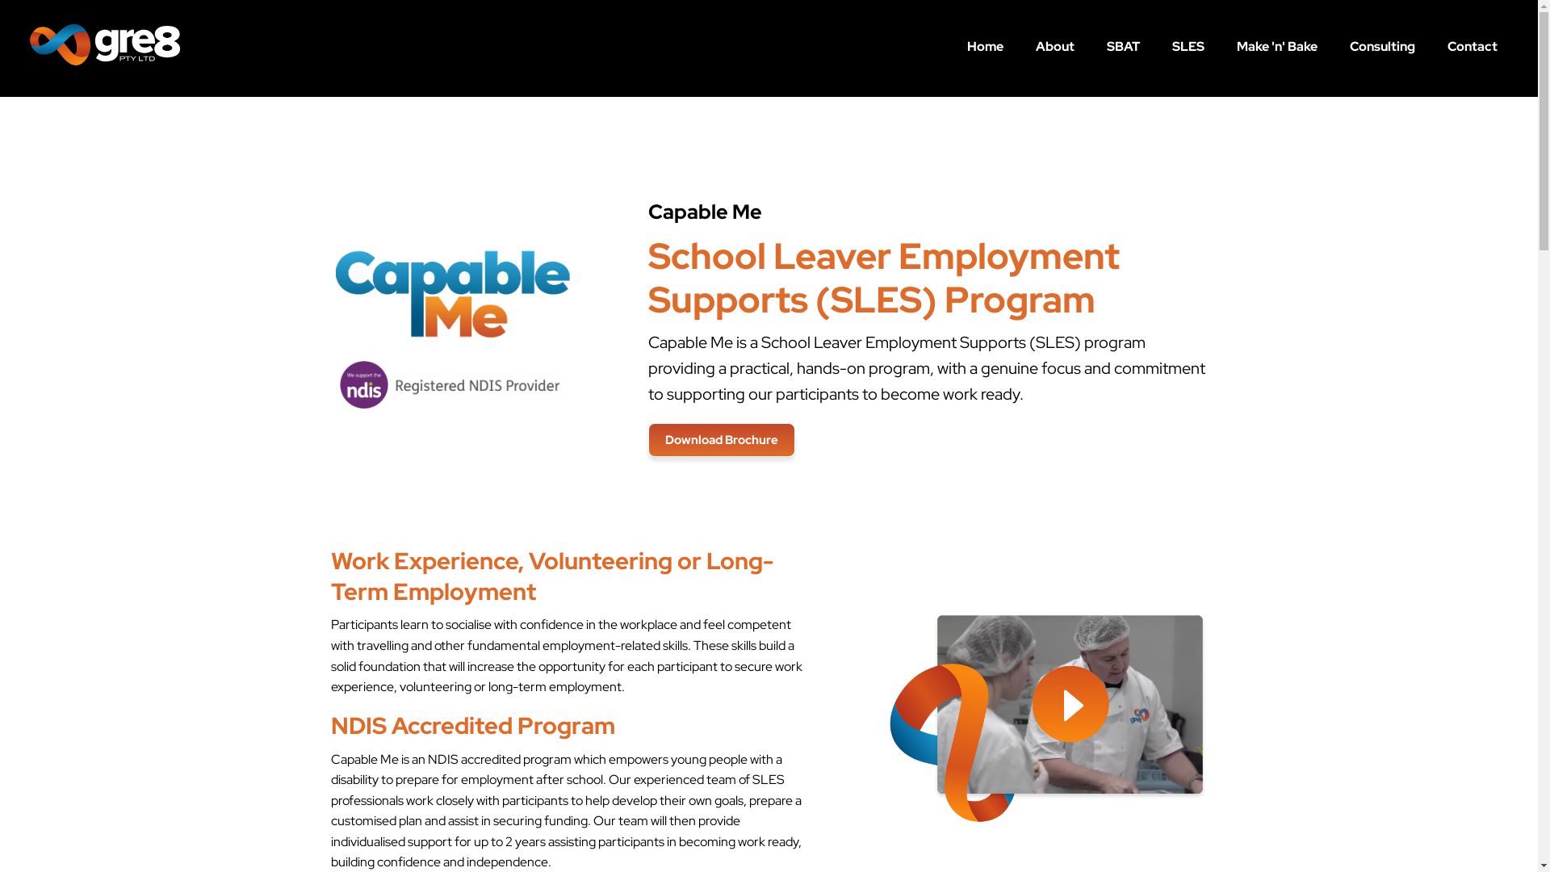  I want to click on 'Home', so click(984, 45).